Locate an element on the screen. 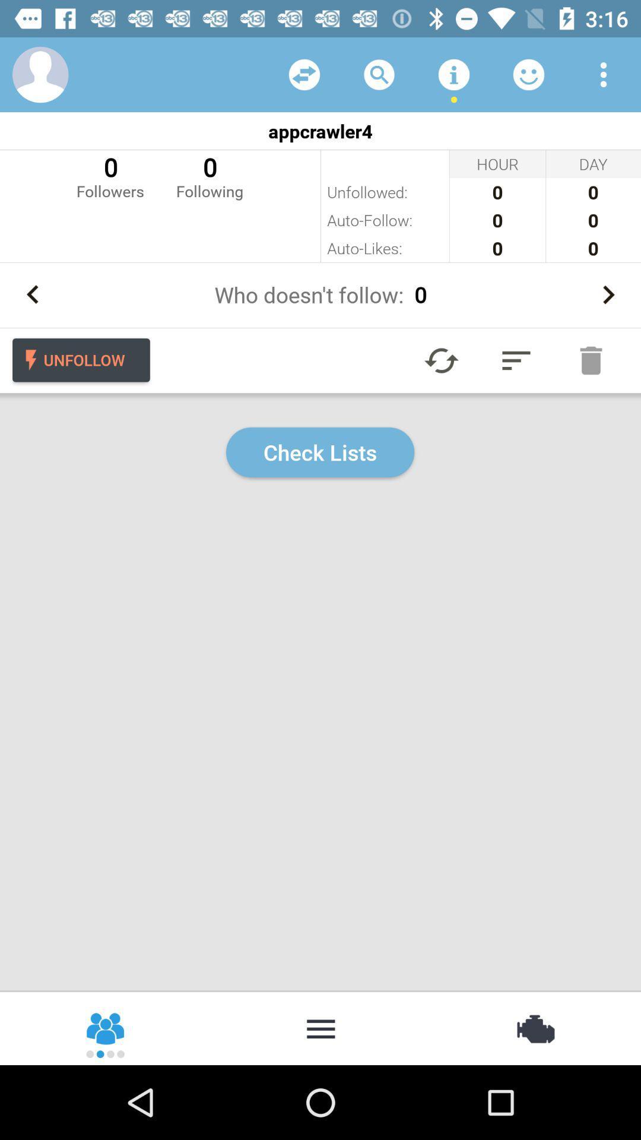  information is located at coordinates (453, 74).